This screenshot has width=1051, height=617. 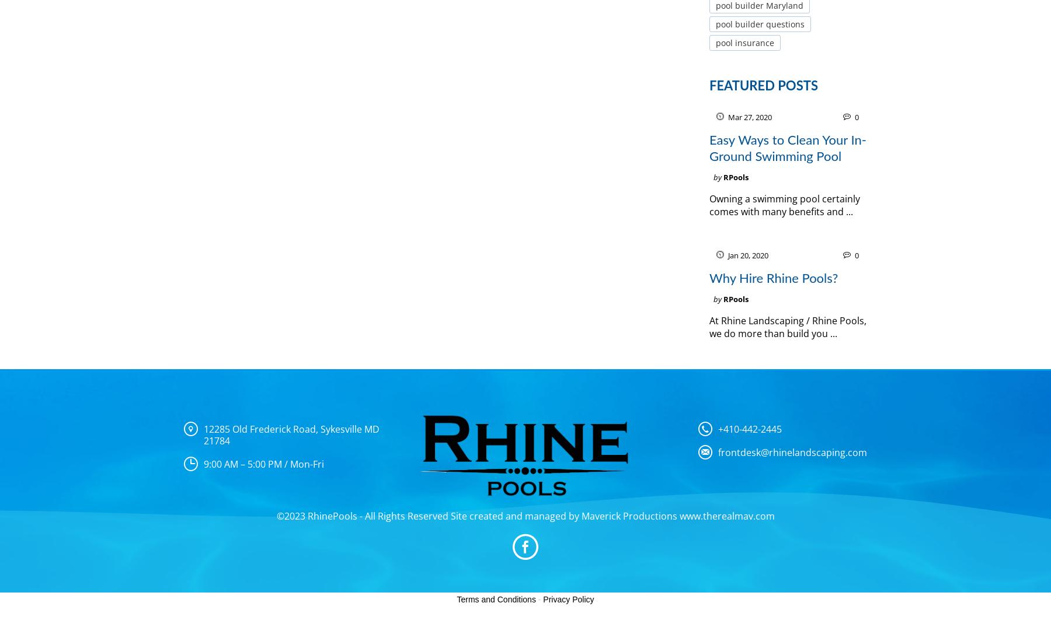 What do you see at coordinates (538, 598) in the screenshot?
I see `'-'` at bounding box center [538, 598].